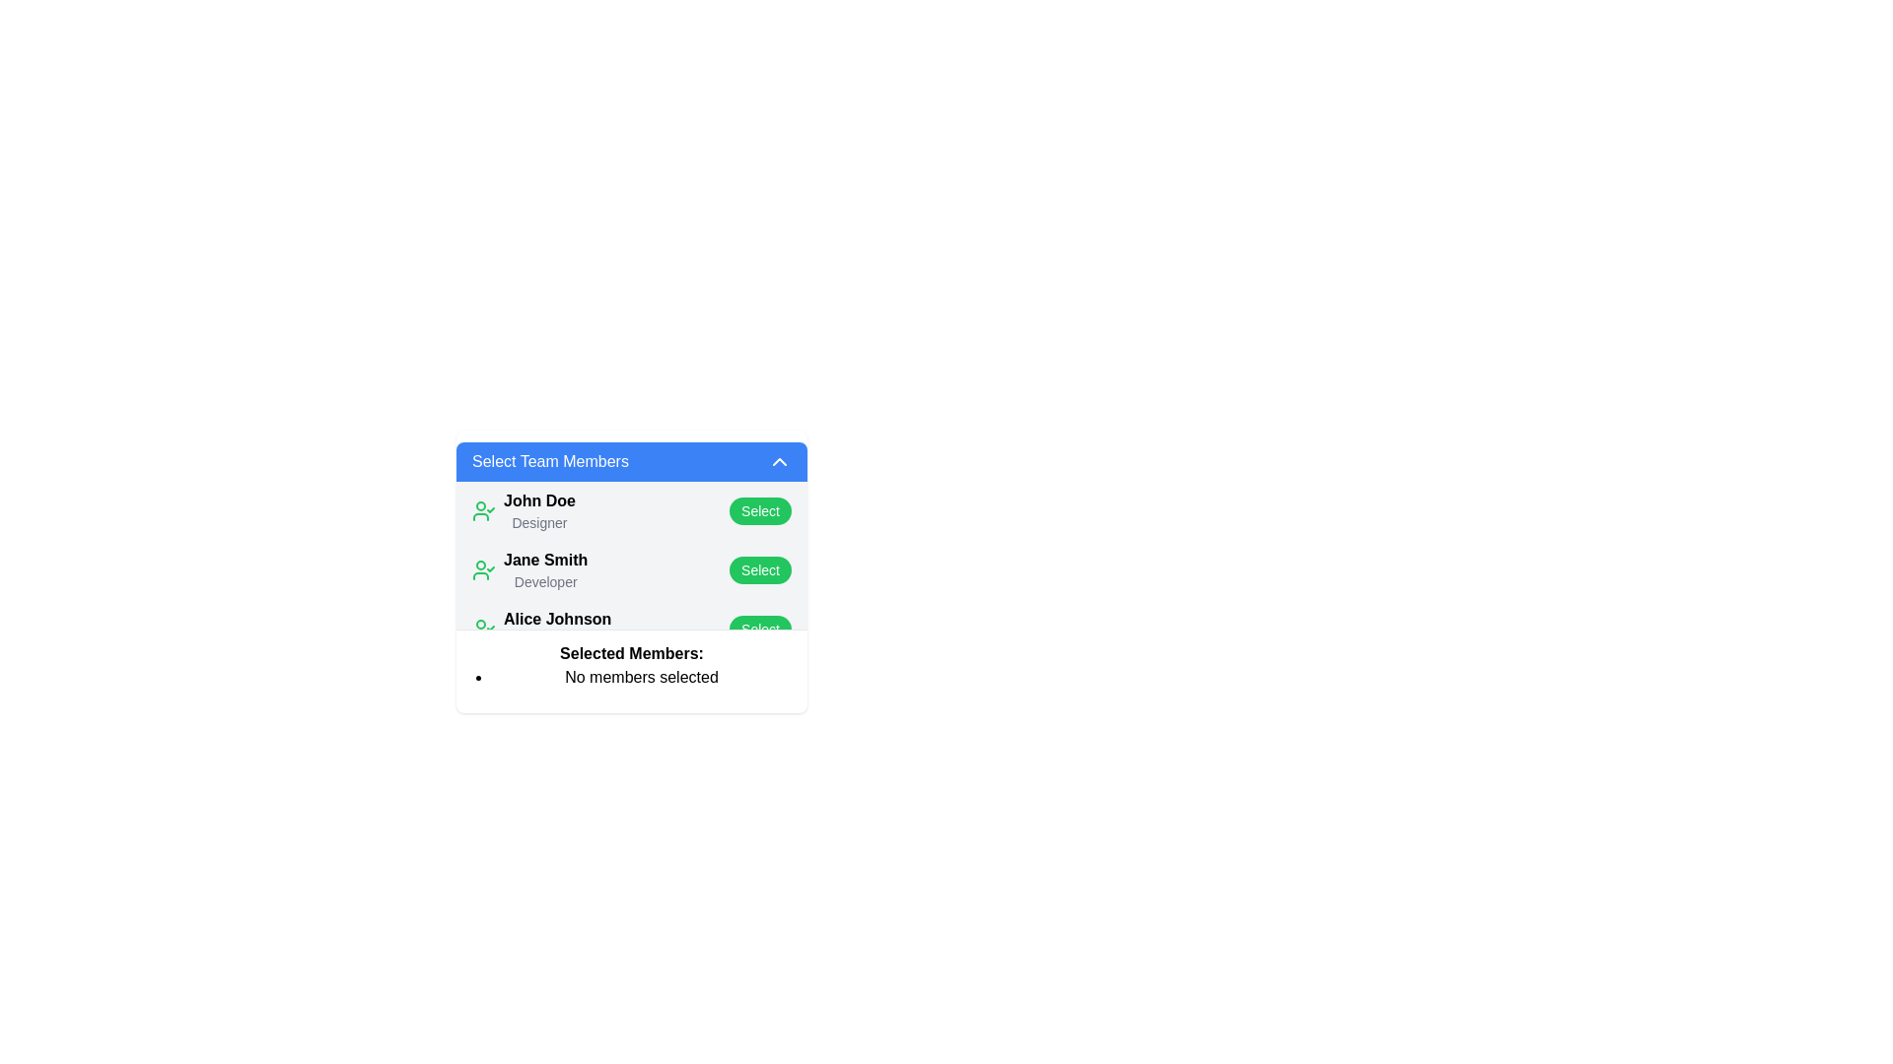  I want to click on the second List Item Widget representing a team member to focus on it, located within the 'Select Team Members' group, so click(529, 569).